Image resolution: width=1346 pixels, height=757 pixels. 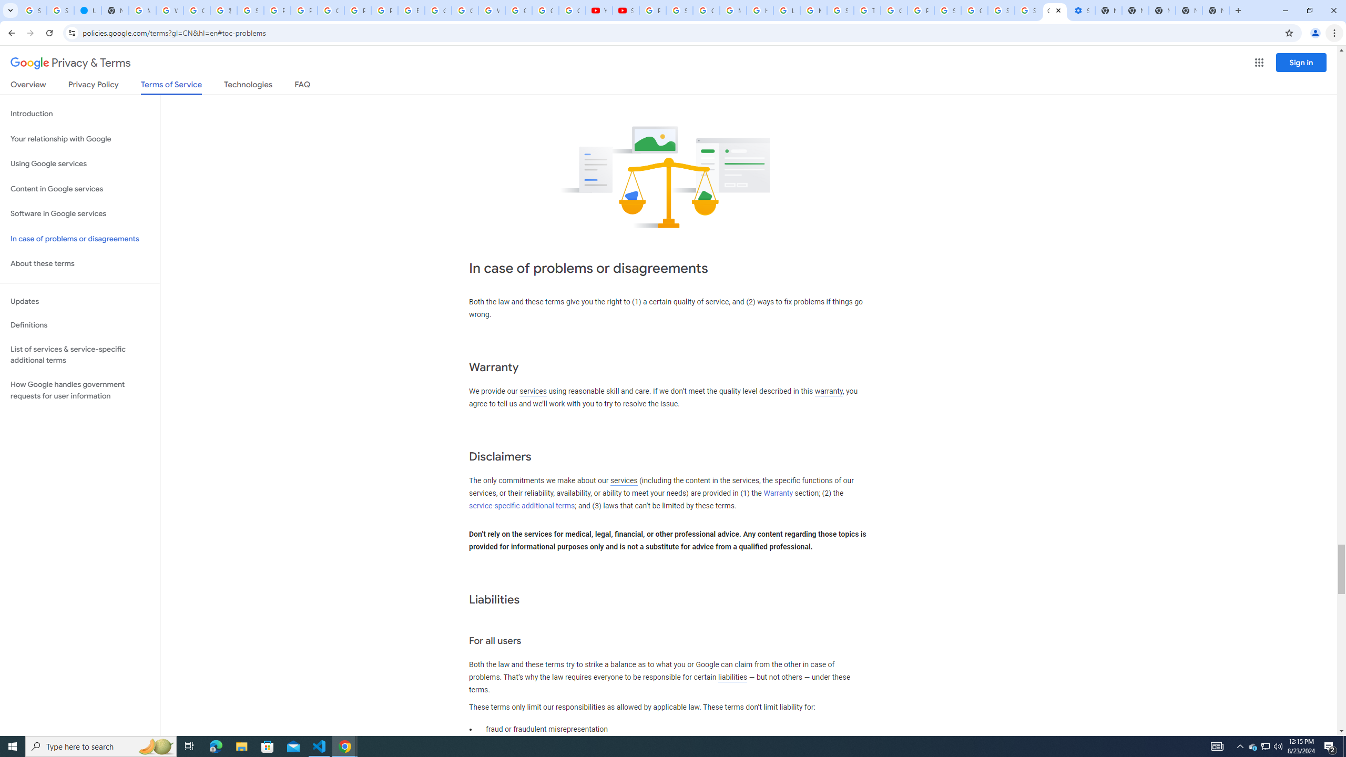 What do you see at coordinates (894, 10) in the screenshot?
I see `'Google Ads - Sign in'` at bounding box center [894, 10].